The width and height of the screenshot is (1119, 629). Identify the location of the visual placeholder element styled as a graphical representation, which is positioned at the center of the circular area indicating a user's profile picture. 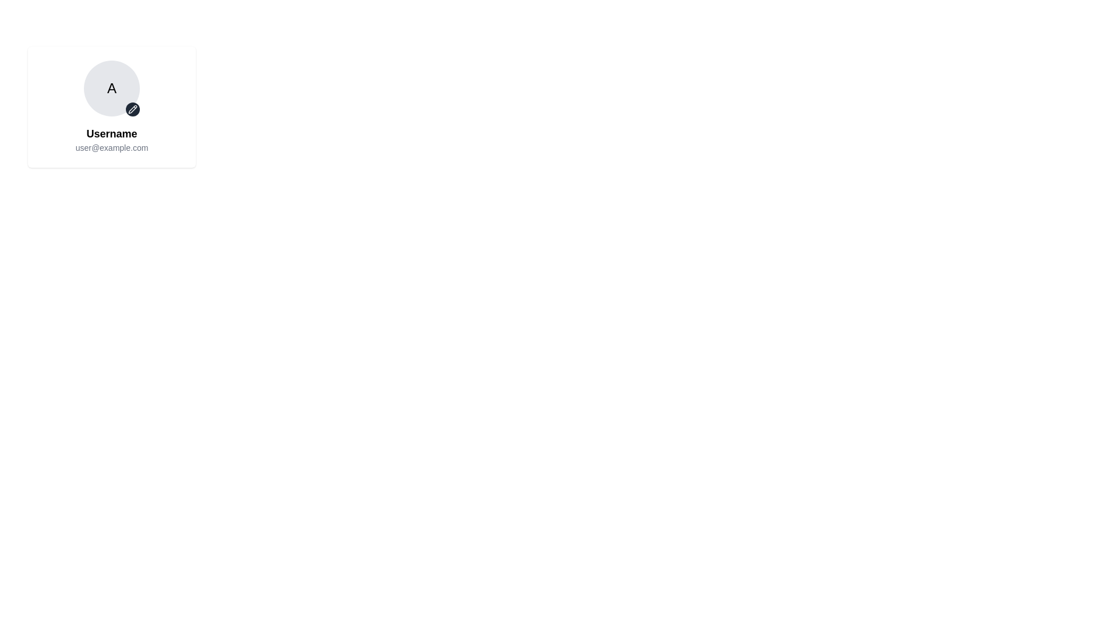
(112, 87).